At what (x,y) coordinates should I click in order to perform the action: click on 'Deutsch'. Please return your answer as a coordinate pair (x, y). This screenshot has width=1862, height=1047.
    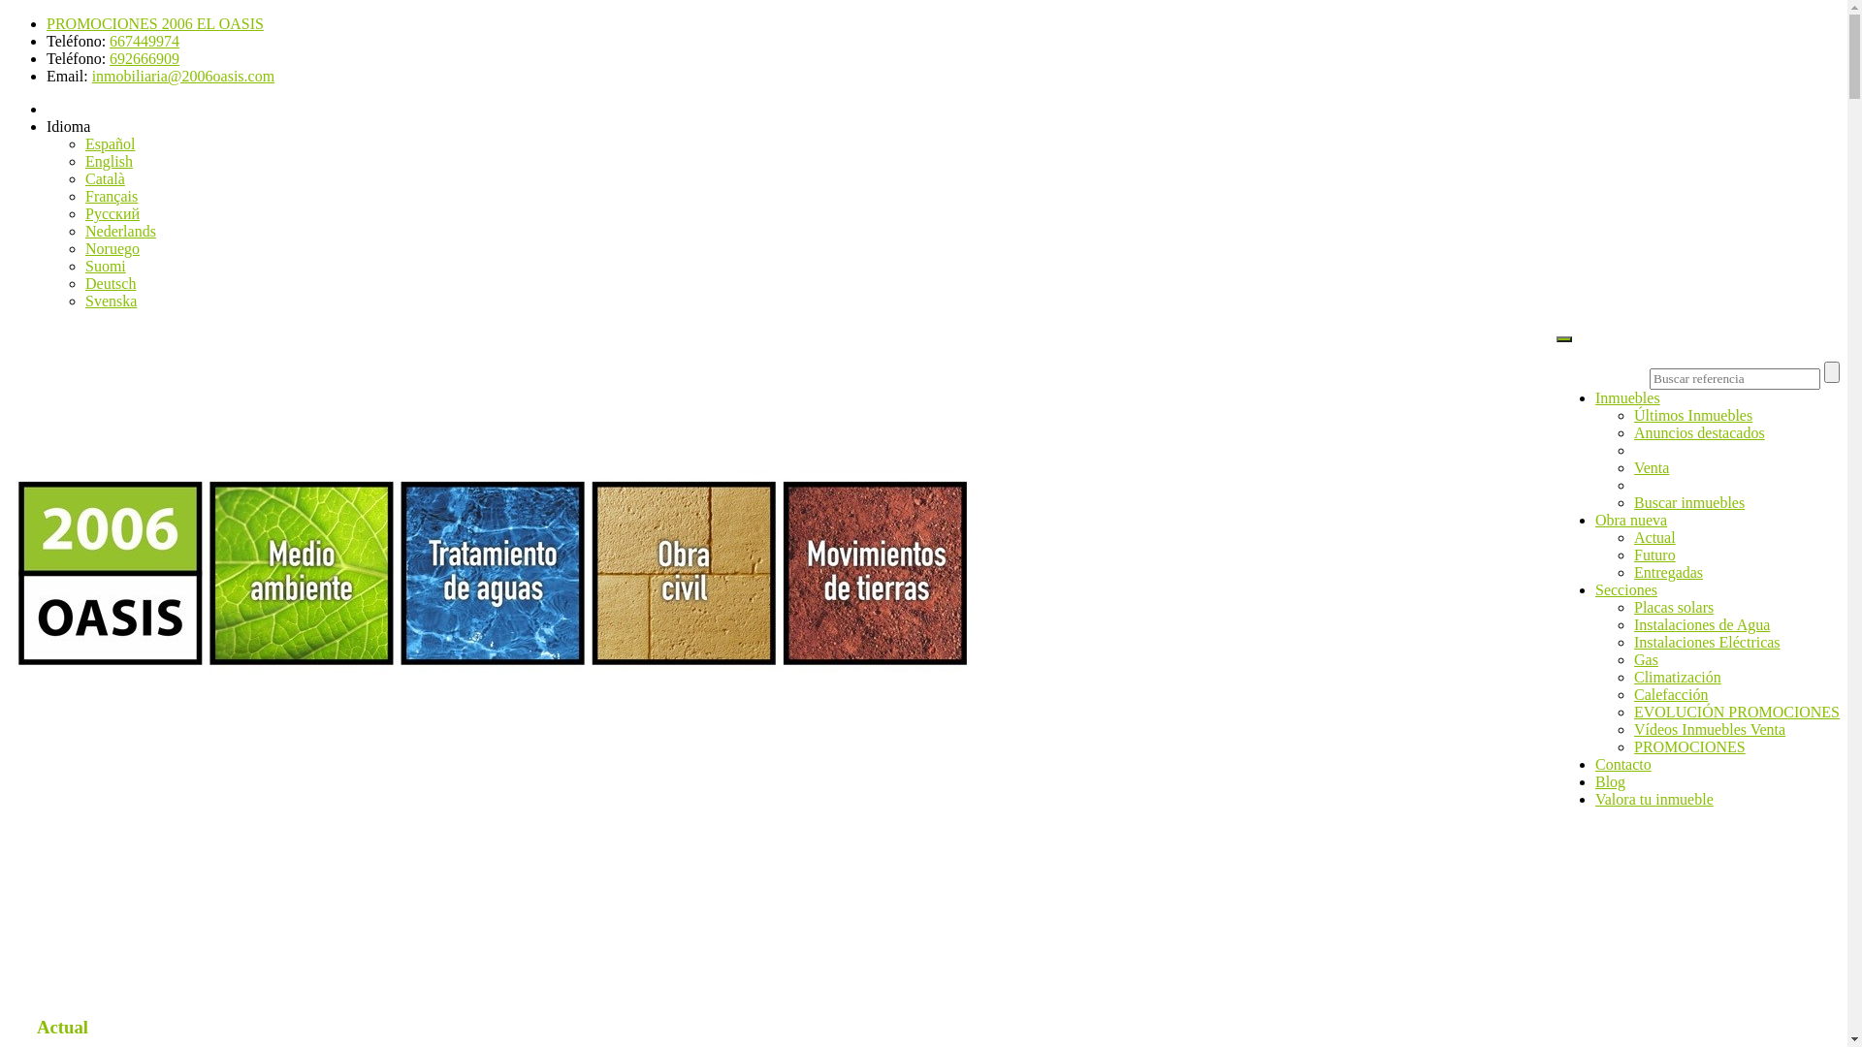
    Looking at the image, I should click on (110, 283).